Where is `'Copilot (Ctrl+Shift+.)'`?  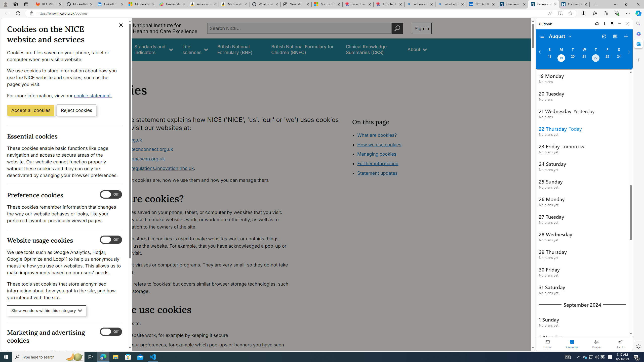
'Copilot (Ctrl+Shift+.)' is located at coordinates (638, 13).